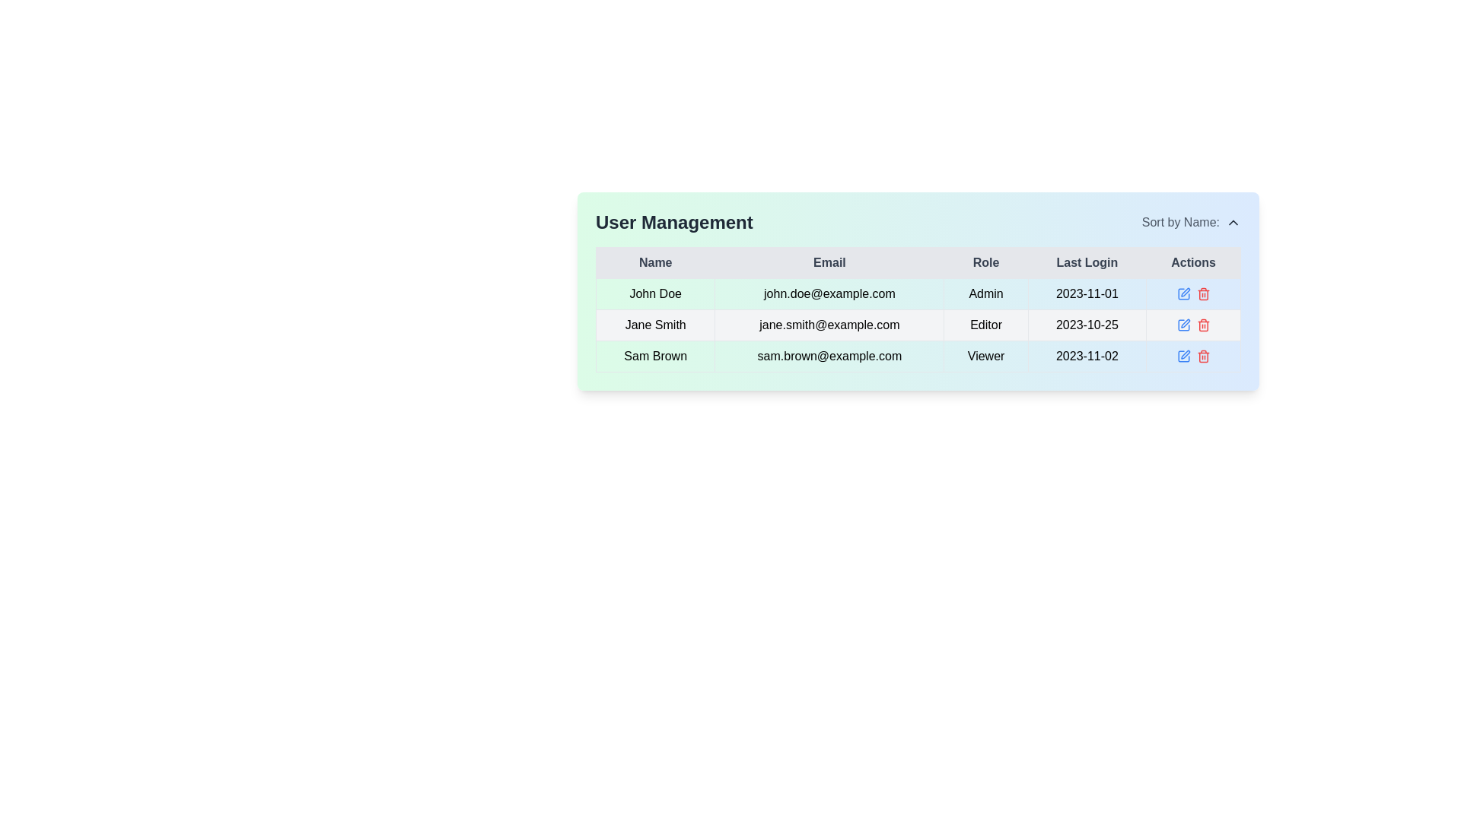 The height and width of the screenshot is (821, 1461). What do you see at coordinates (1182, 293) in the screenshot?
I see `the edit button in the 'Actions' column for user John Doe` at bounding box center [1182, 293].